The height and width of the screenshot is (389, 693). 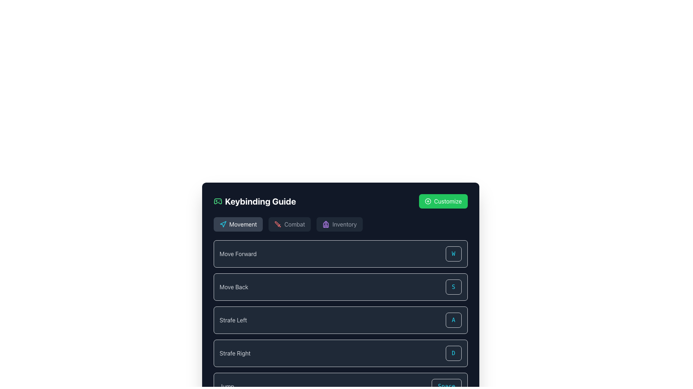 I want to click on the keybinding display box for the 'Strafe Left' action, located to the far right of the 'Strafe Left' text in the keybinding guide, so click(x=453, y=319).